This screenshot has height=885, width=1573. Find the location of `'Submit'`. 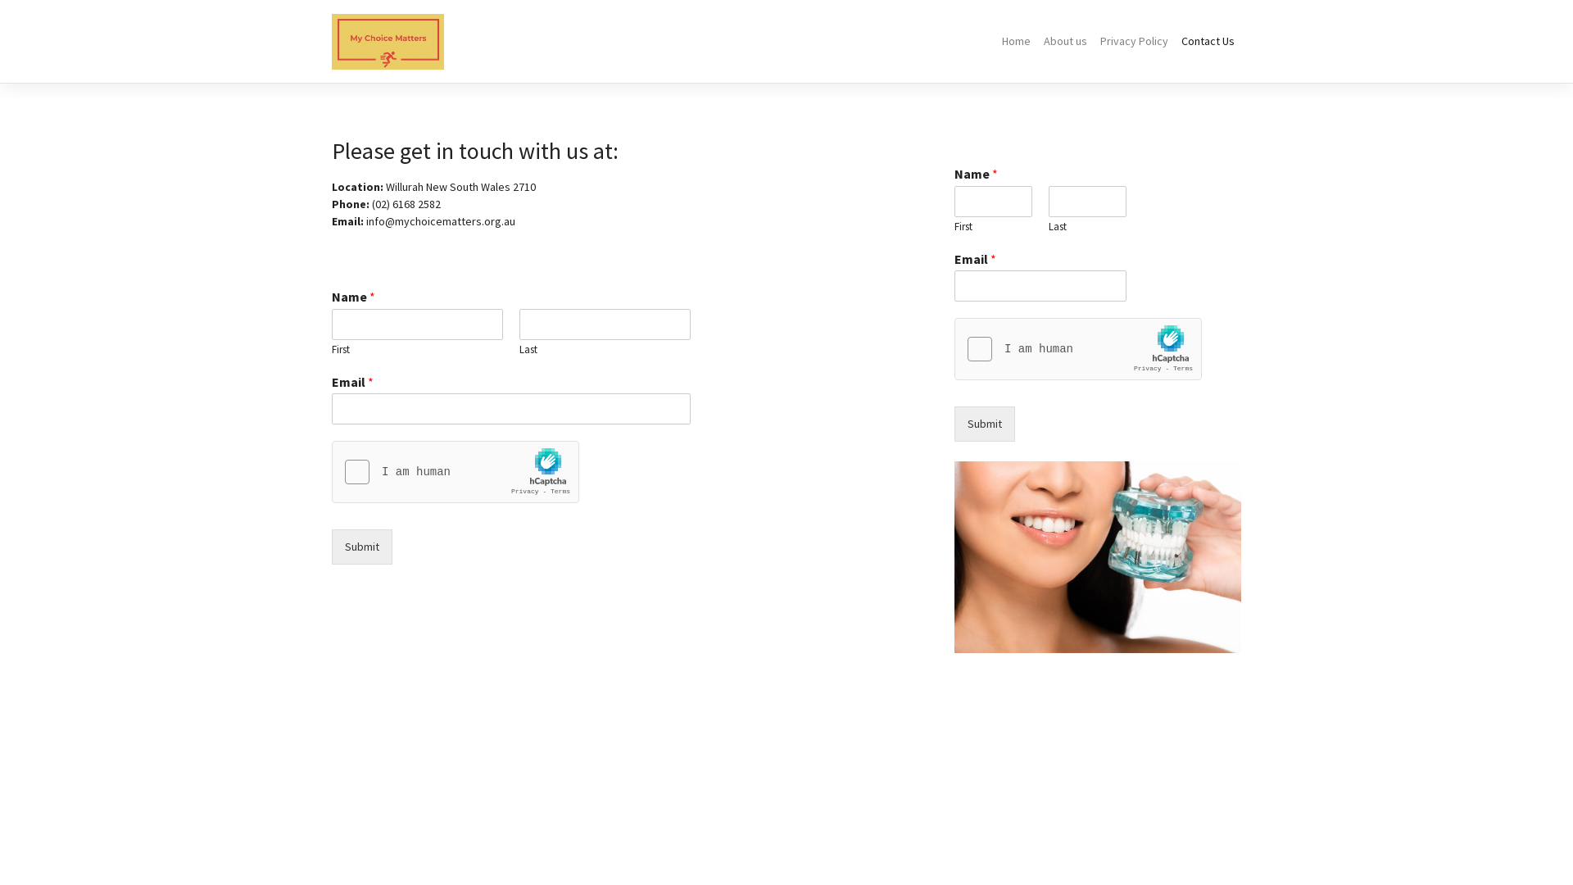

'Submit' is located at coordinates (983, 423).